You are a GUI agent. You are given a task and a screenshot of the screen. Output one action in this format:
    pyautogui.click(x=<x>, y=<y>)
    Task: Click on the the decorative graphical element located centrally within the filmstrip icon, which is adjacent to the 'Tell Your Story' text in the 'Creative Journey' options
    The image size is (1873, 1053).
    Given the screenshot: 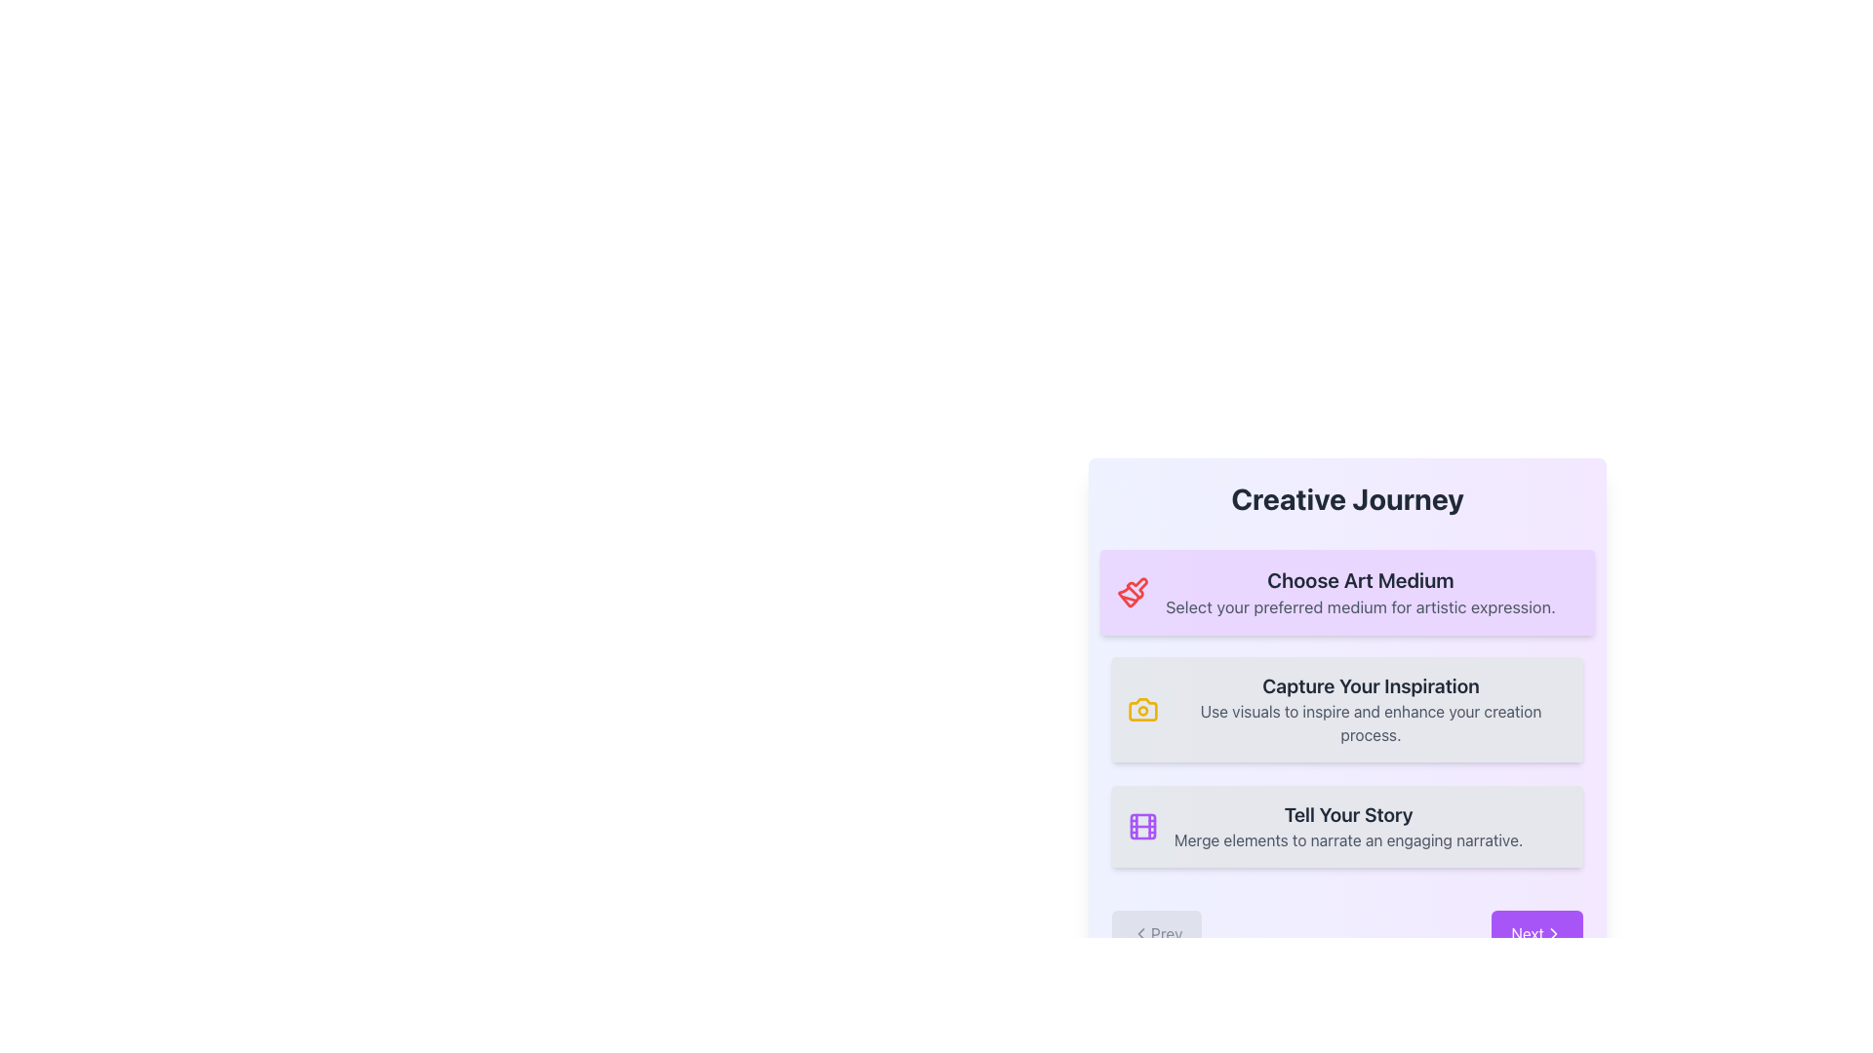 What is the action you would take?
    pyautogui.click(x=1142, y=827)
    